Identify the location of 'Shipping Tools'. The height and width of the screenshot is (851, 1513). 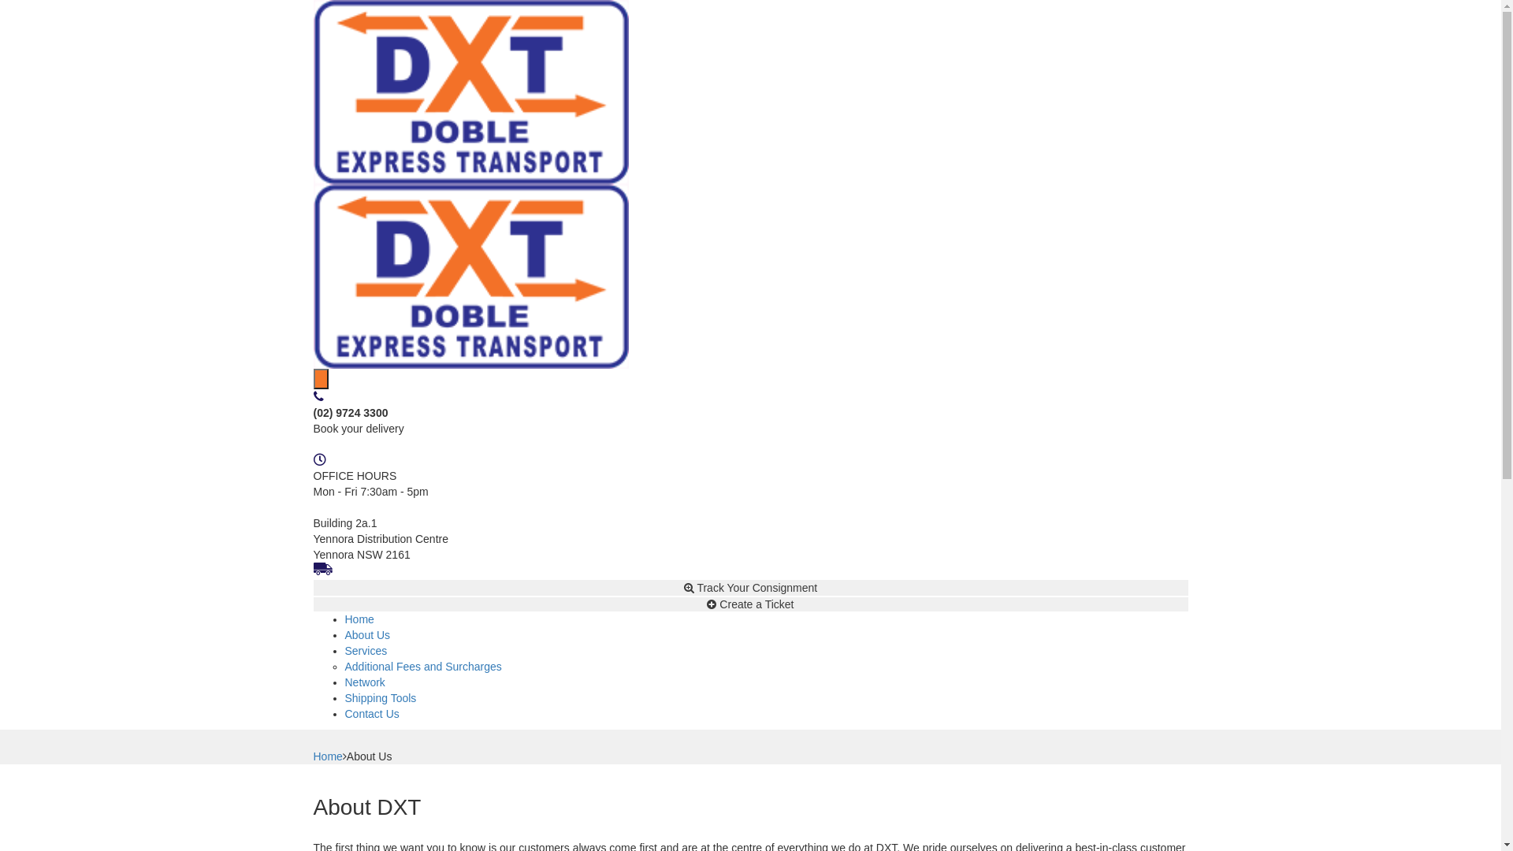
(344, 697).